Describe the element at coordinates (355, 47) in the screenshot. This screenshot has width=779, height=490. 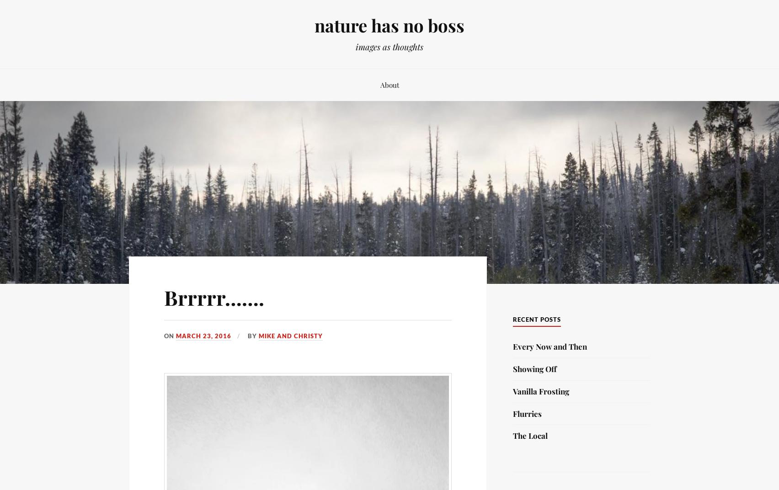
I see `'images as thoughts'` at that location.